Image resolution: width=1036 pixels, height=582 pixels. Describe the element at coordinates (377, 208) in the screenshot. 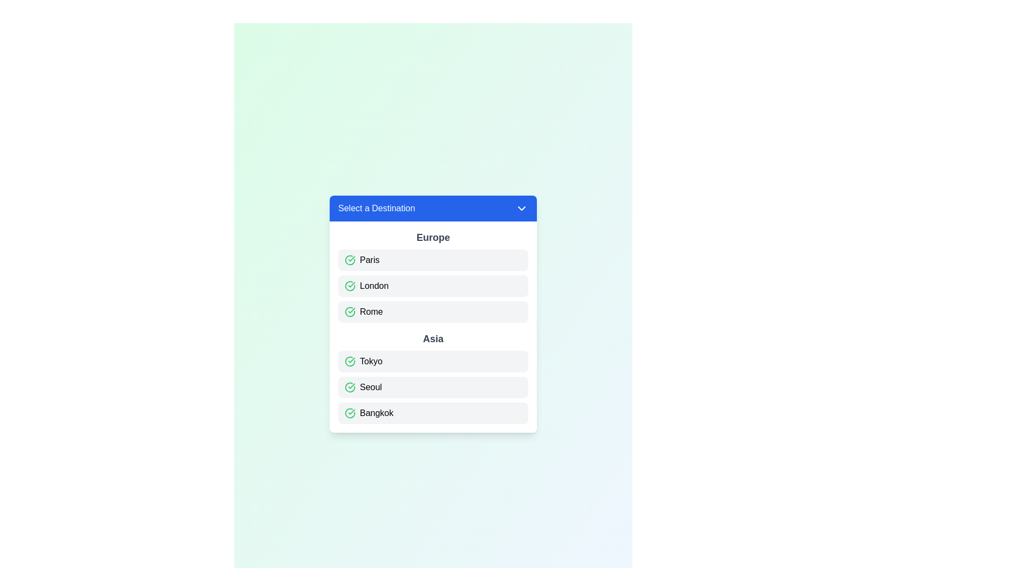

I see `text displayed in the header section that says 'Select a Destination', which is in bold white font on a blue background` at that location.